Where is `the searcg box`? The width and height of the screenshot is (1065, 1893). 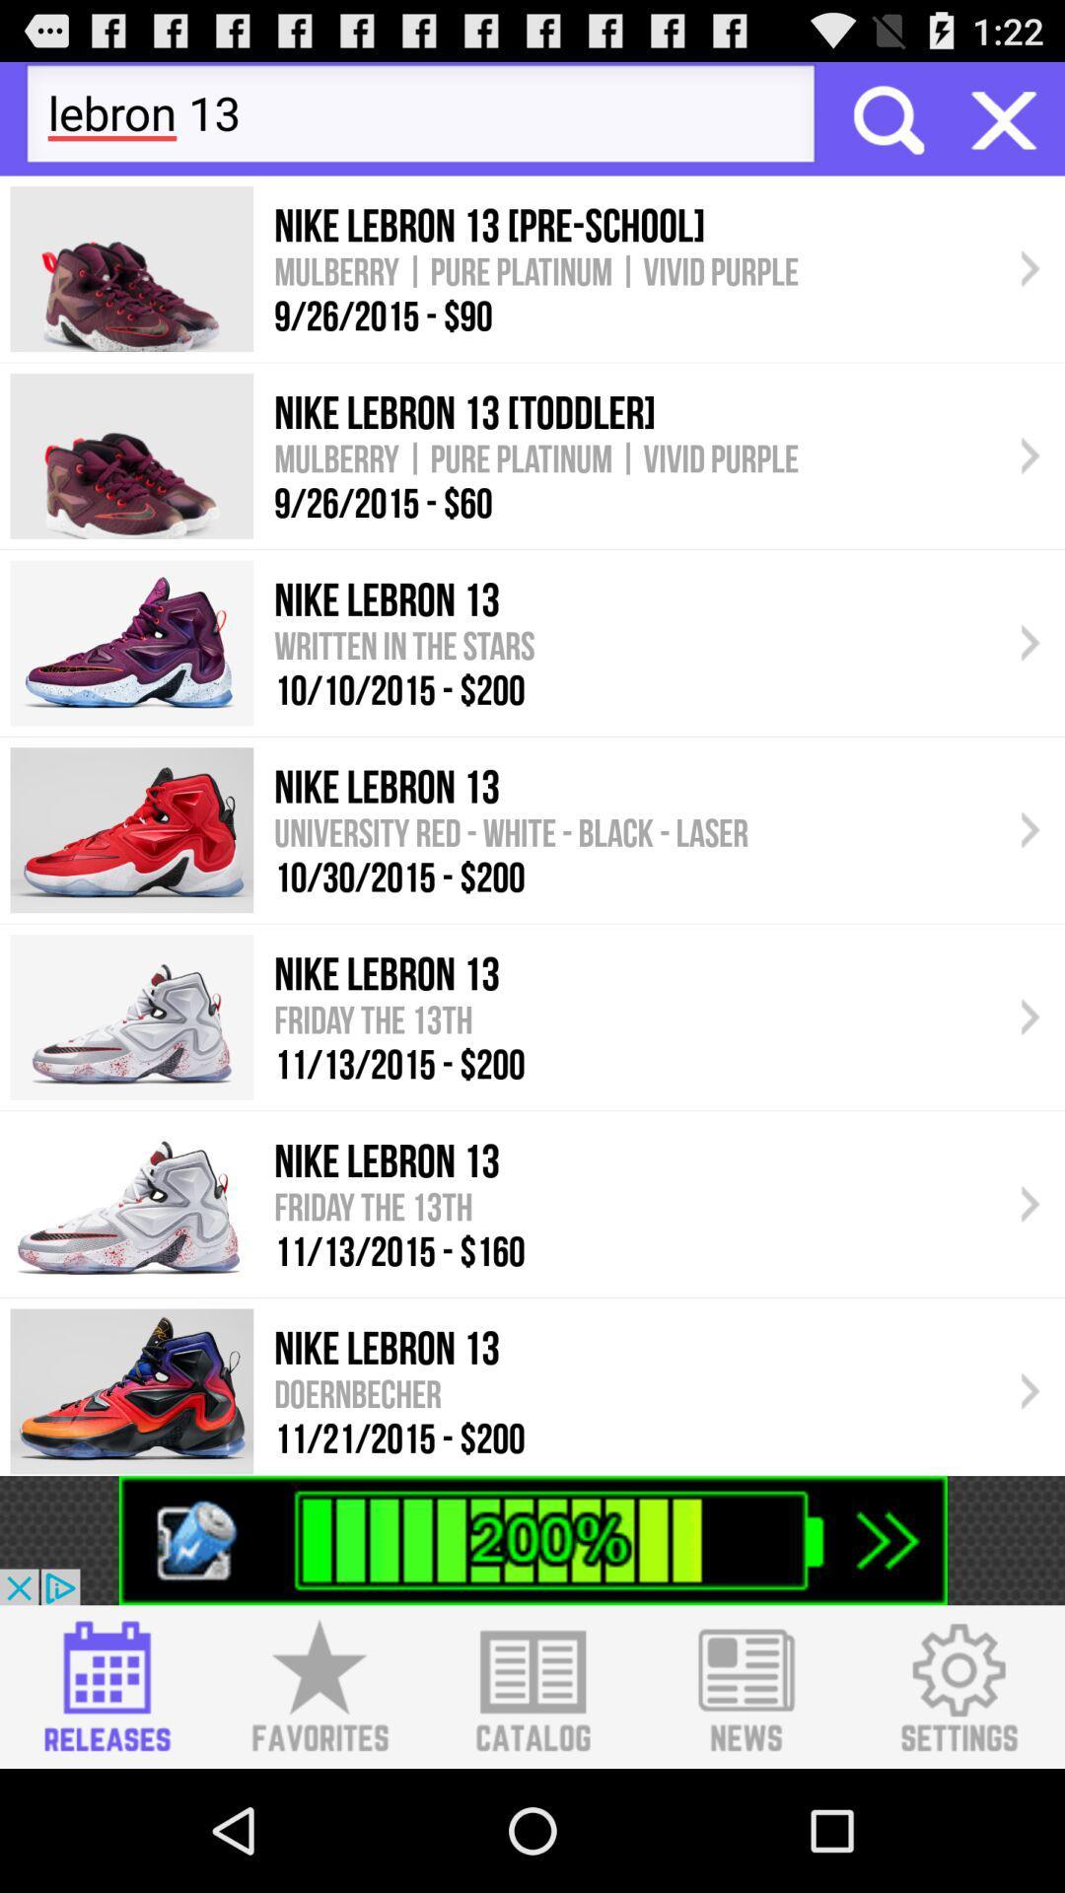
the searcg box is located at coordinates (886, 117).